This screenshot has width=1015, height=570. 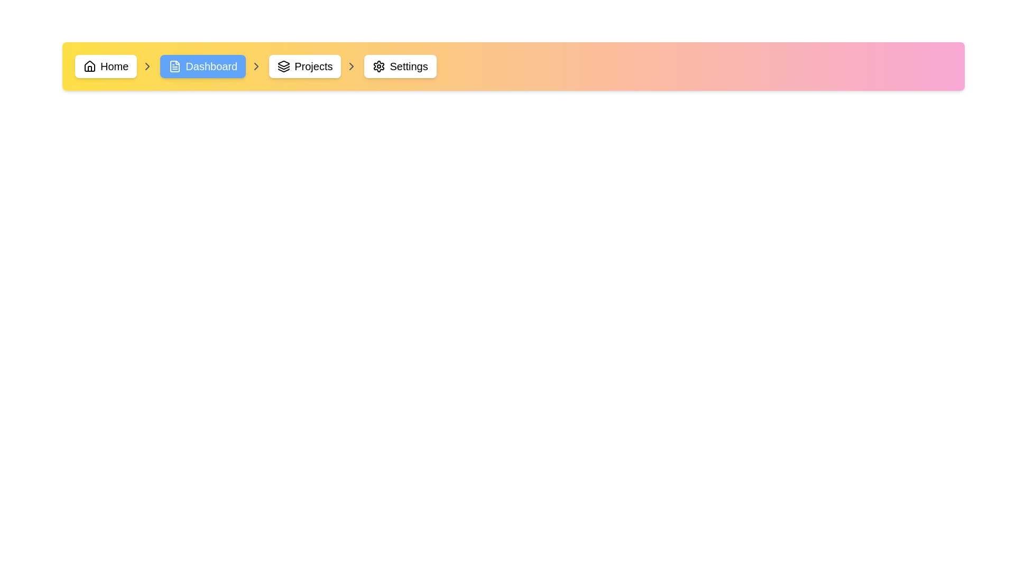 I want to click on the right-pointing chevron icon styled in gray, located in the navigation bar directly after the 'Dashboard' button, so click(x=256, y=66).